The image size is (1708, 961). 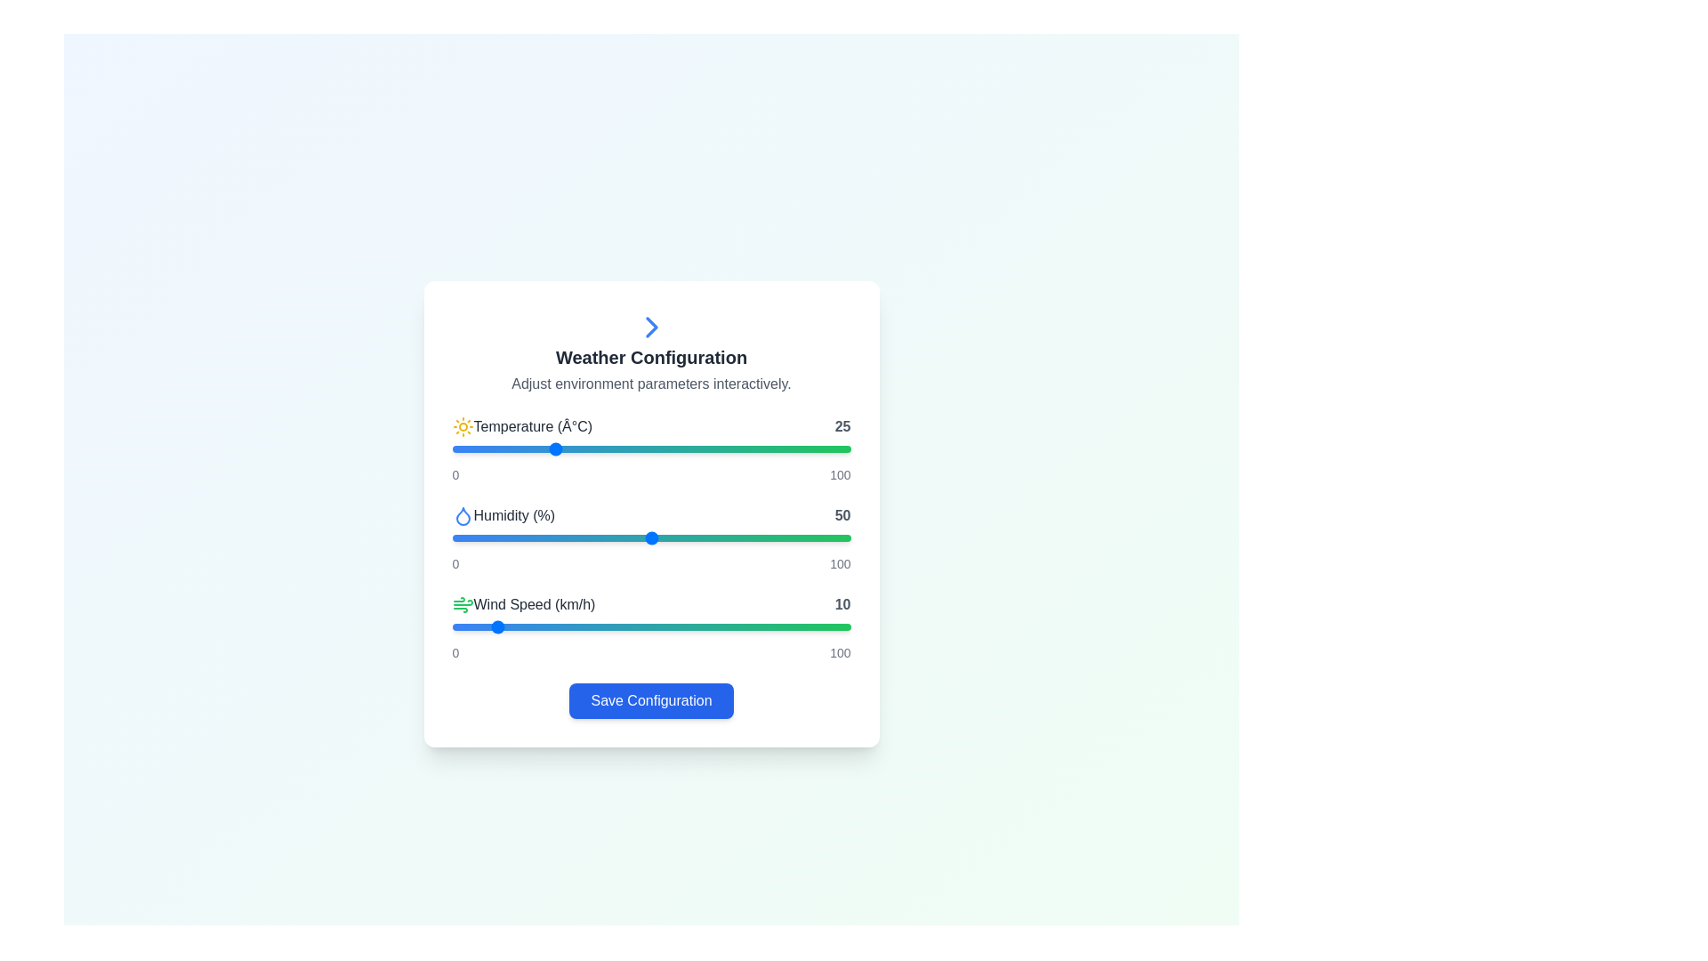 What do you see at coordinates (842, 426) in the screenshot?
I see `the numeric display showing the number '25' styled in gray and bold font, located to the right of the 'Temperature (°C)' label within the 'Weather Configuration' section` at bounding box center [842, 426].